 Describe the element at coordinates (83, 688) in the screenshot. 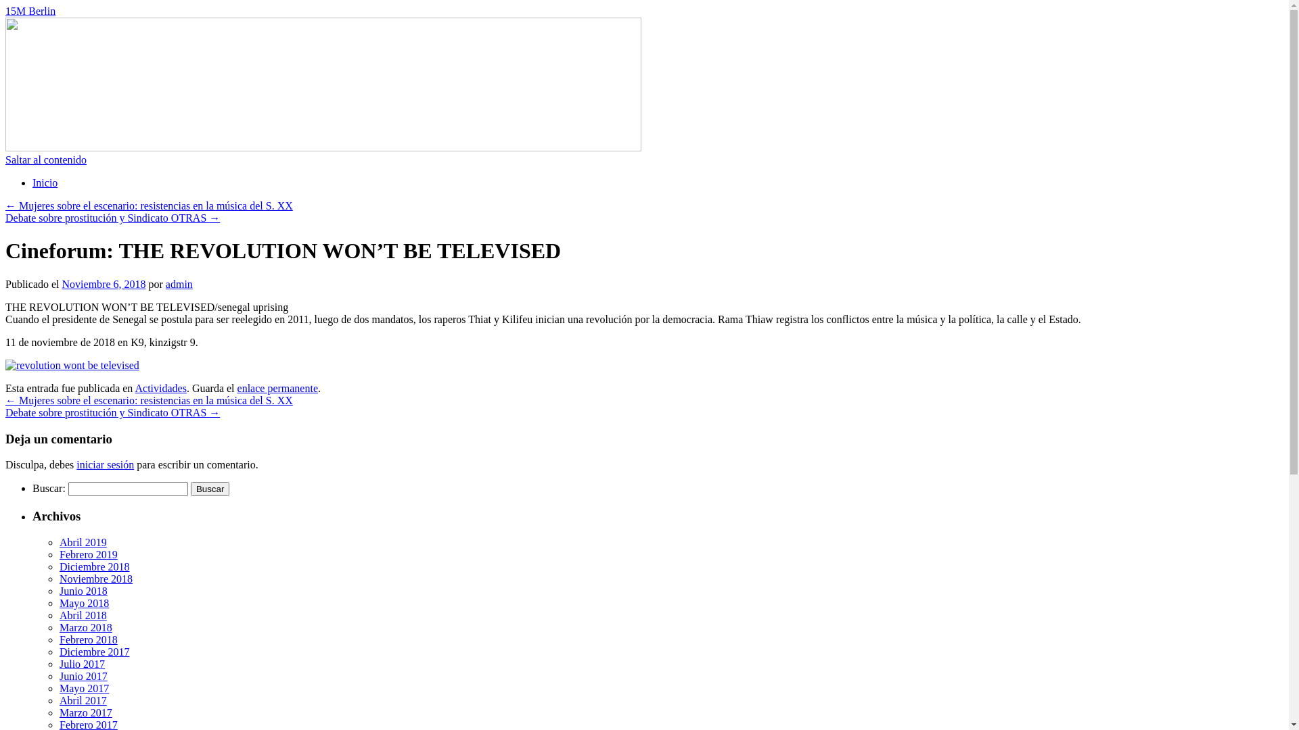

I see `'Mayo 2017'` at that location.